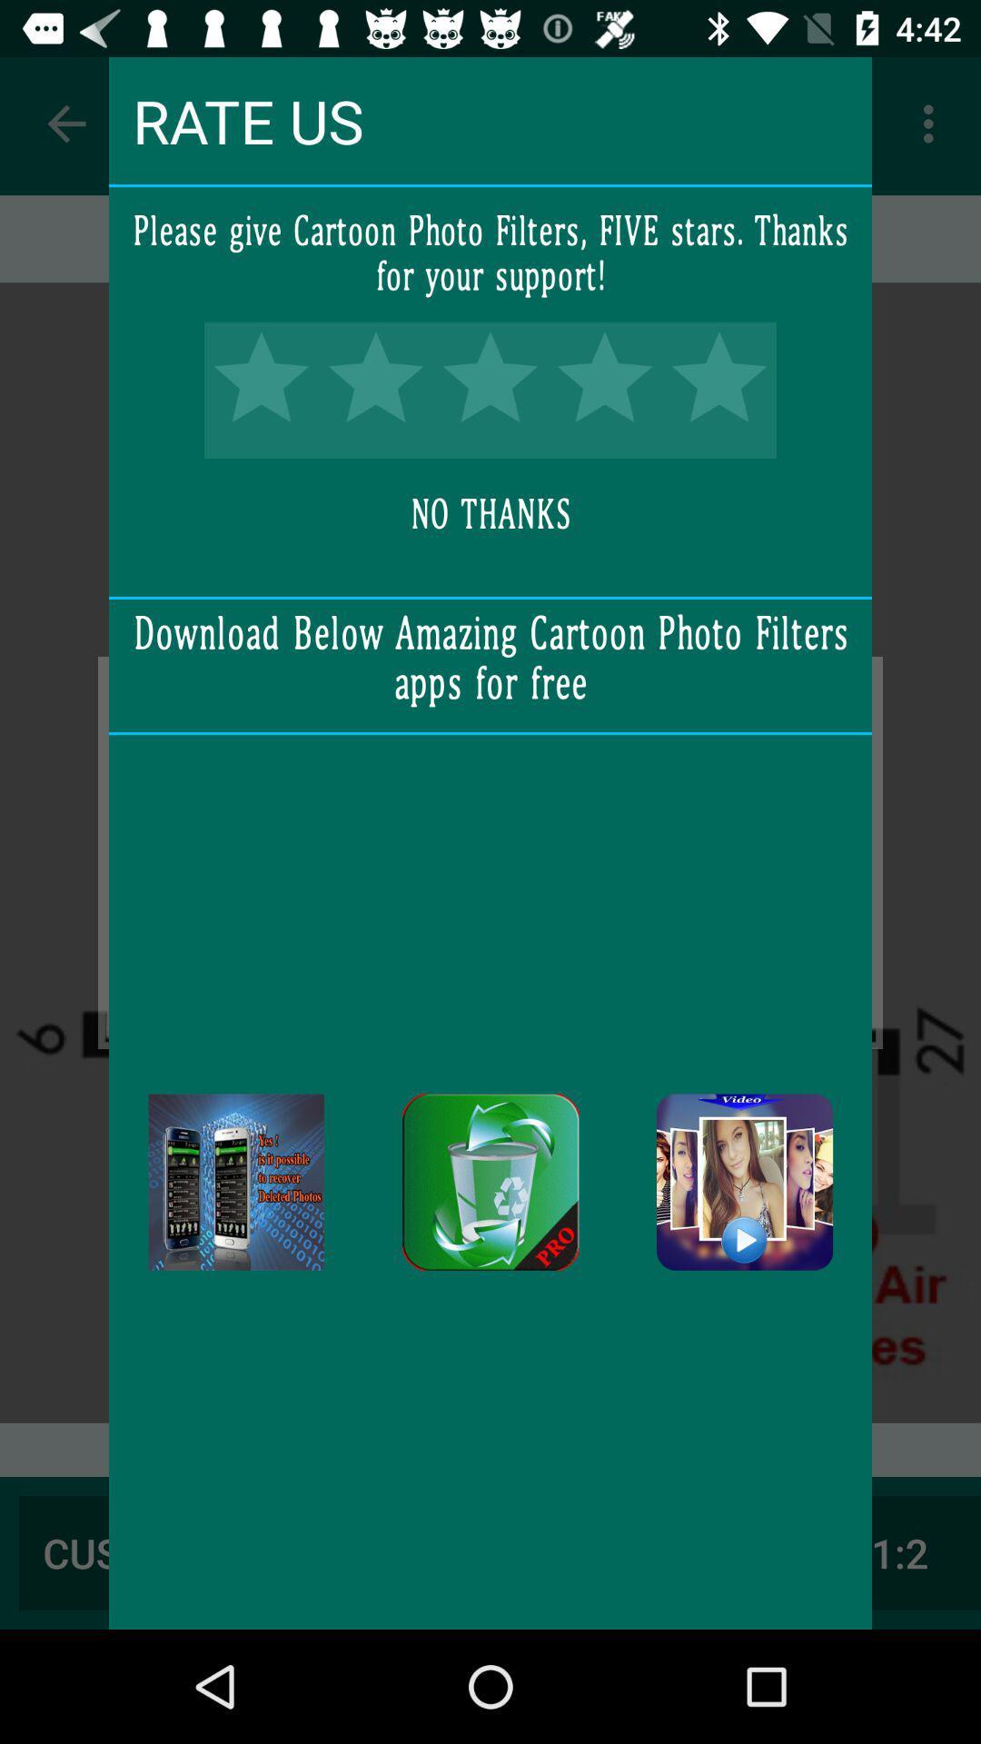 This screenshot has width=981, height=1744. What do you see at coordinates (235, 1182) in the screenshot?
I see `the icon at the bottom left corner` at bounding box center [235, 1182].